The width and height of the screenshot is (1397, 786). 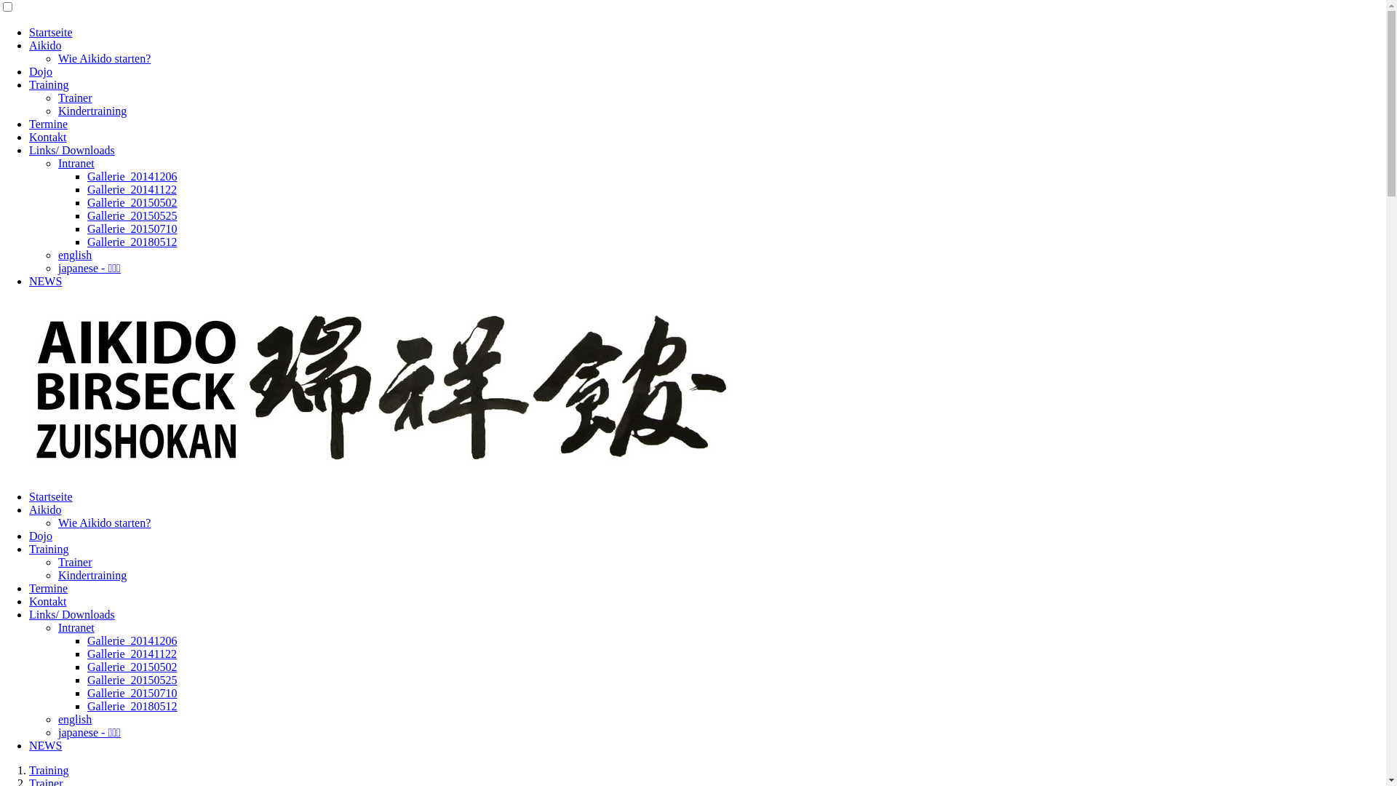 What do you see at coordinates (132, 667) in the screenshot?
I see `'Gallerie_20150502'` at bounding box center [132, 667].